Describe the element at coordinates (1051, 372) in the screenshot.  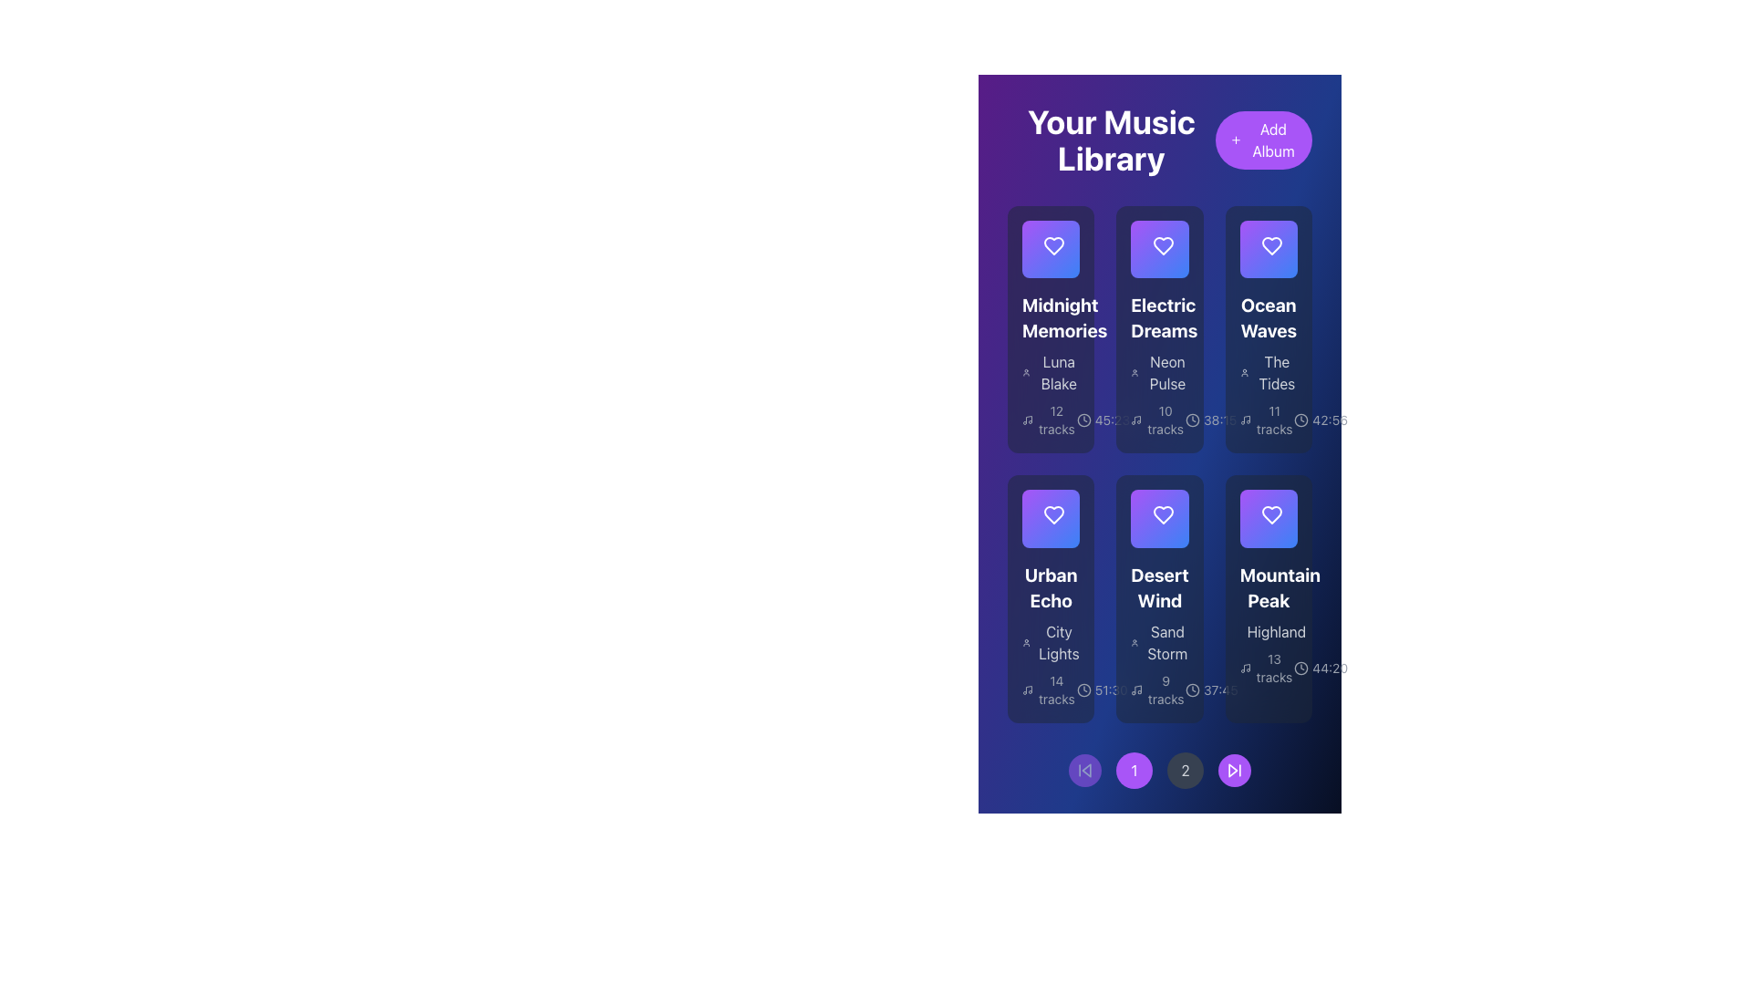
I see `text of the element displaying 'Luna Blake' which is positioned under 'Midnight Memories' and above '12 tracks' in the first card layout` at that location.